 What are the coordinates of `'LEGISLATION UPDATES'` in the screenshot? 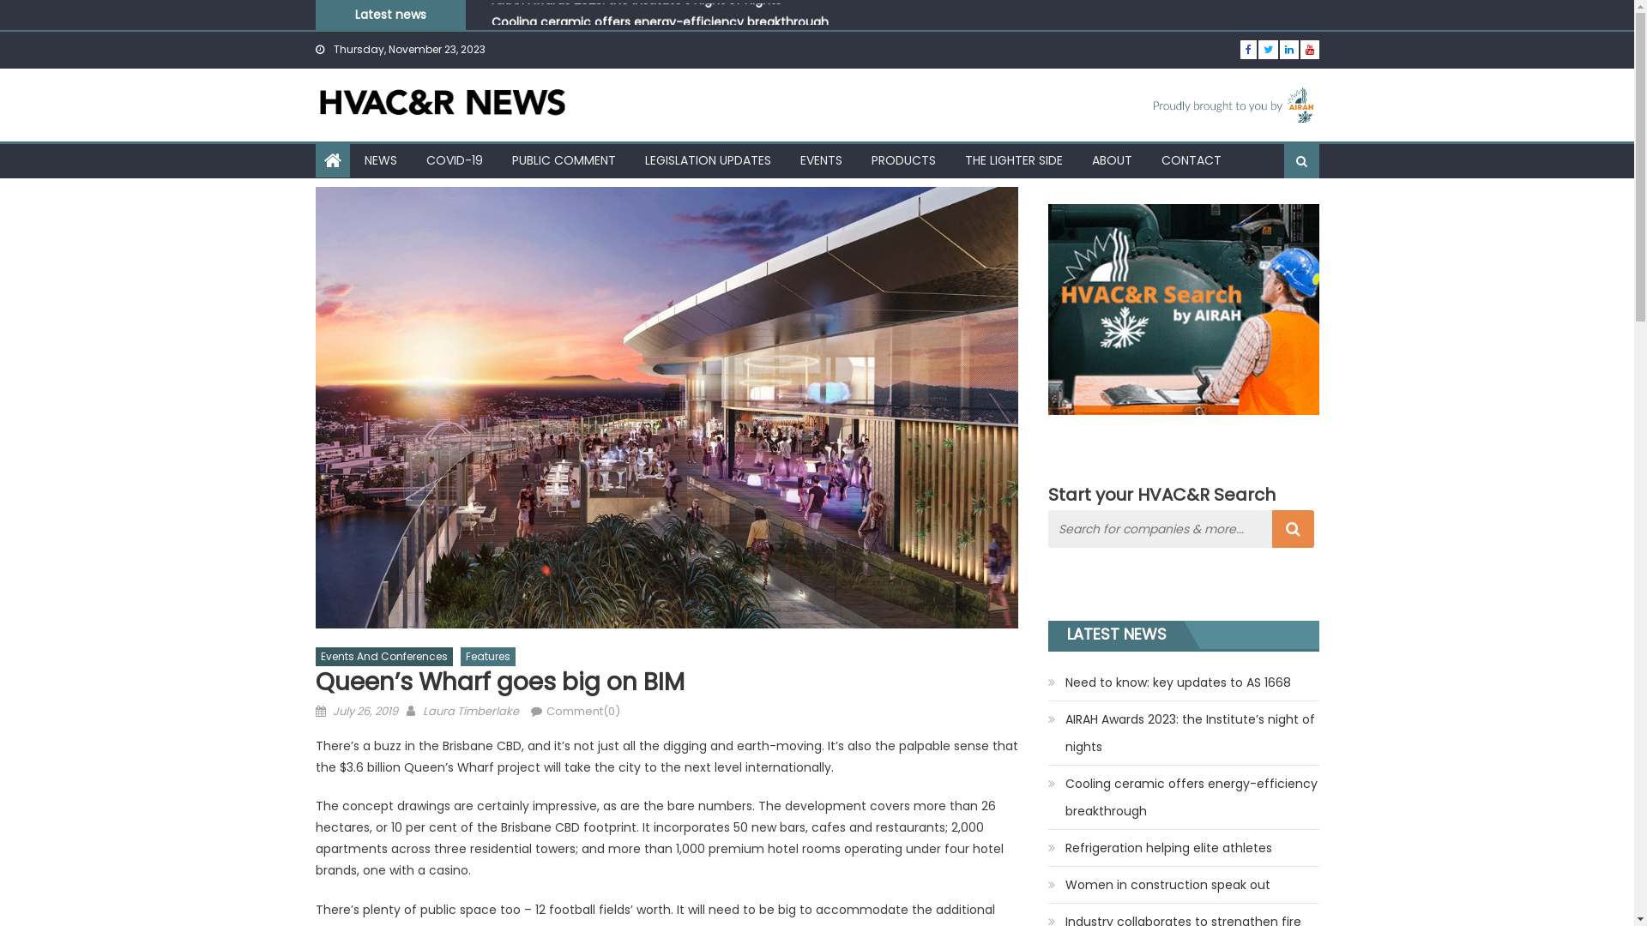 It's located at (707, 159).